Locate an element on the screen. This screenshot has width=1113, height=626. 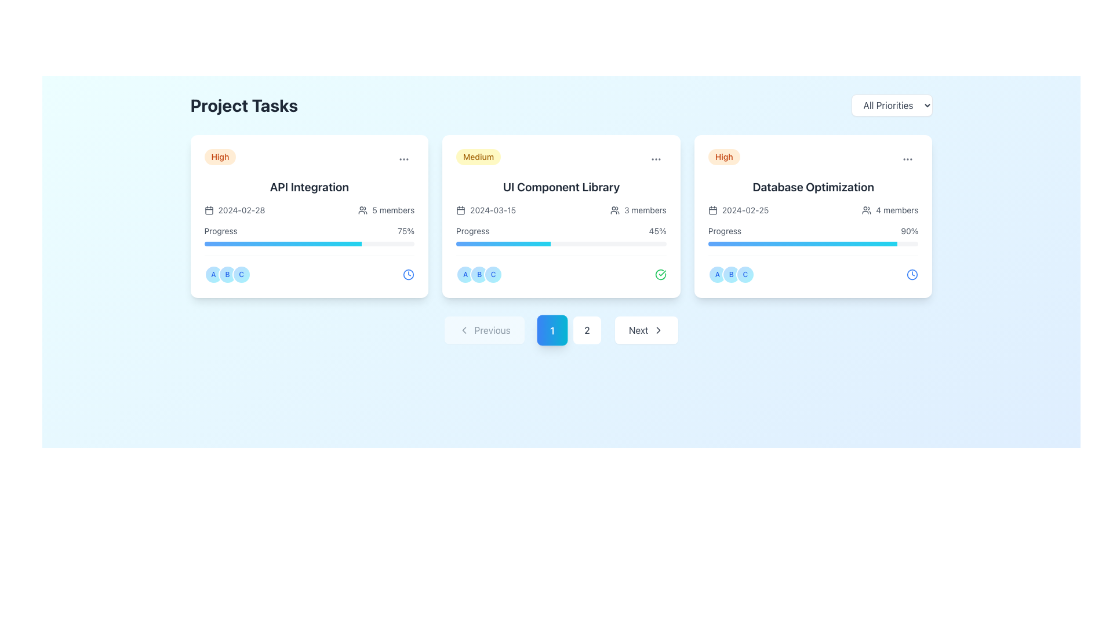
progress is located at coordinates (823, 243).